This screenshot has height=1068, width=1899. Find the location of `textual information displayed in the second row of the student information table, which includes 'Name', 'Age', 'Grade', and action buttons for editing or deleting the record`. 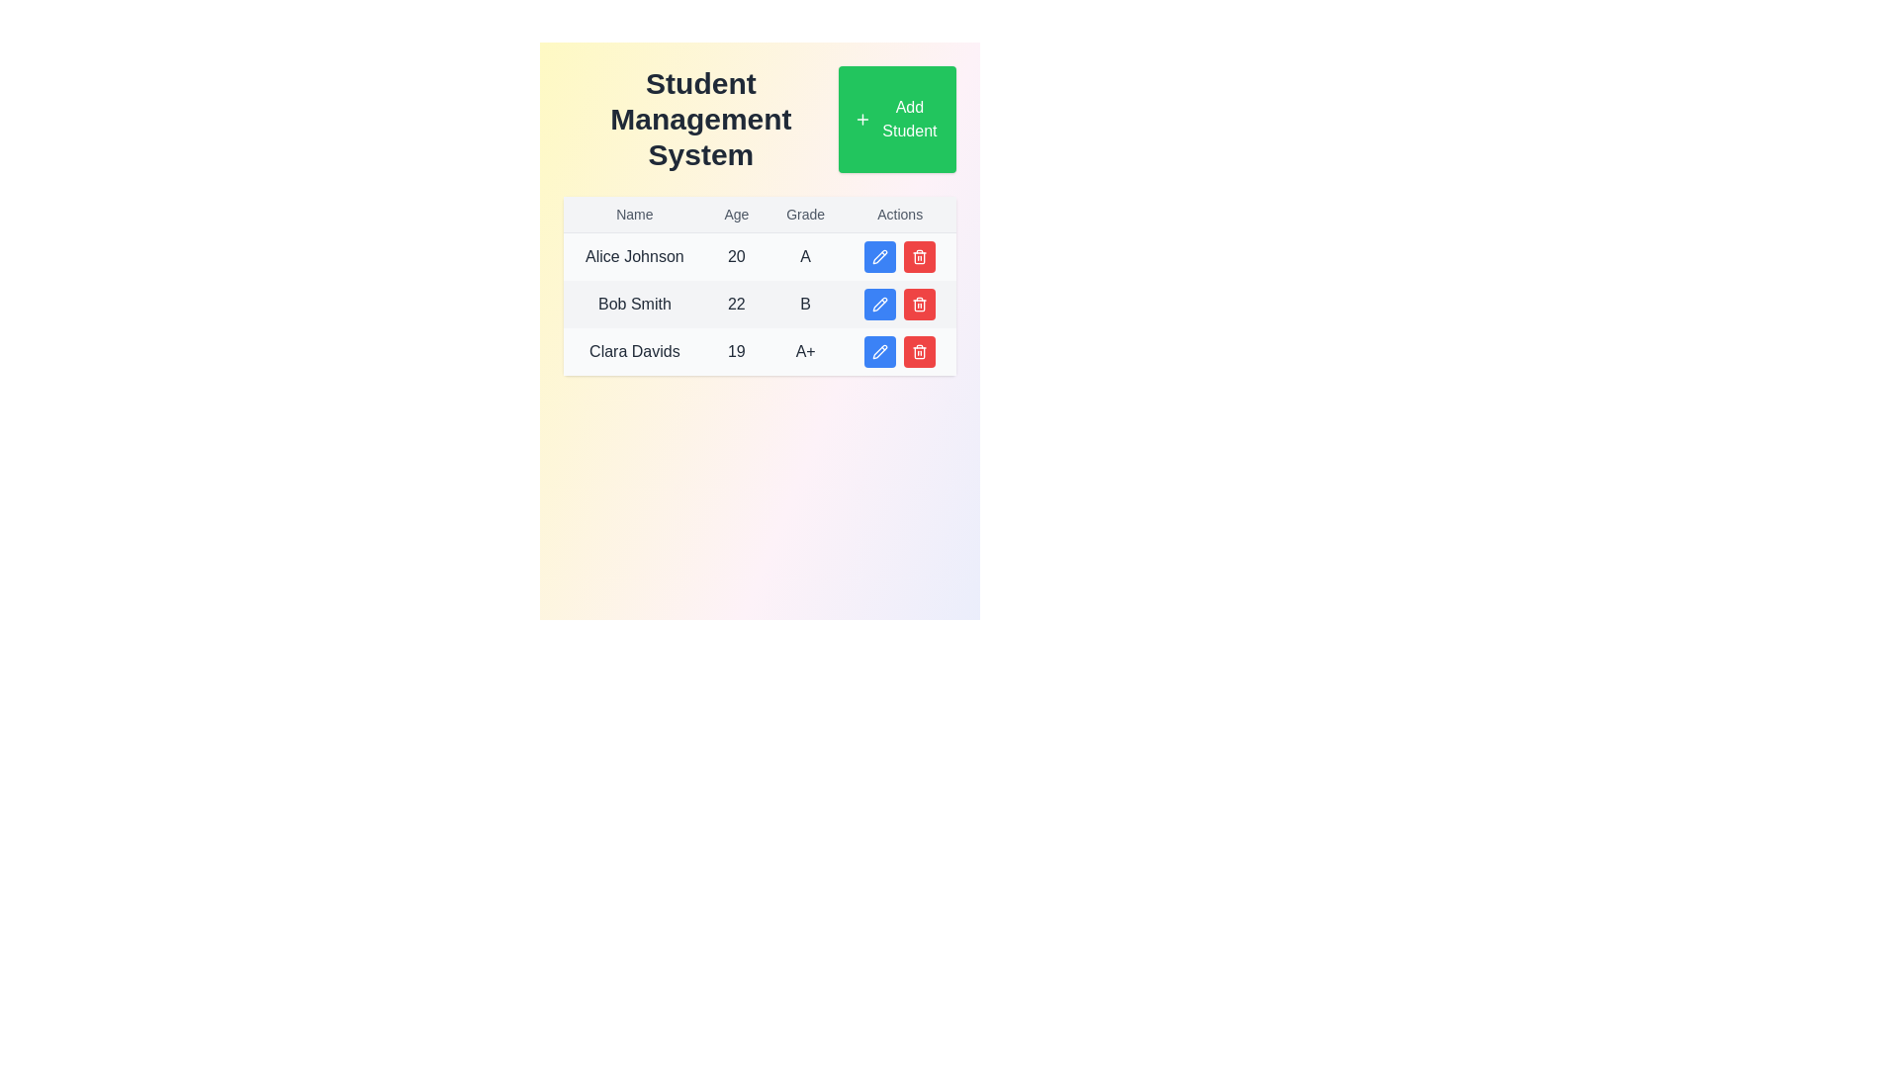

textual information displayed in the second row of the student information table, which includes 'Name', 'Age', 'Grade', and action buttons for editing or deleting the record is located at coordinates (759, 304).